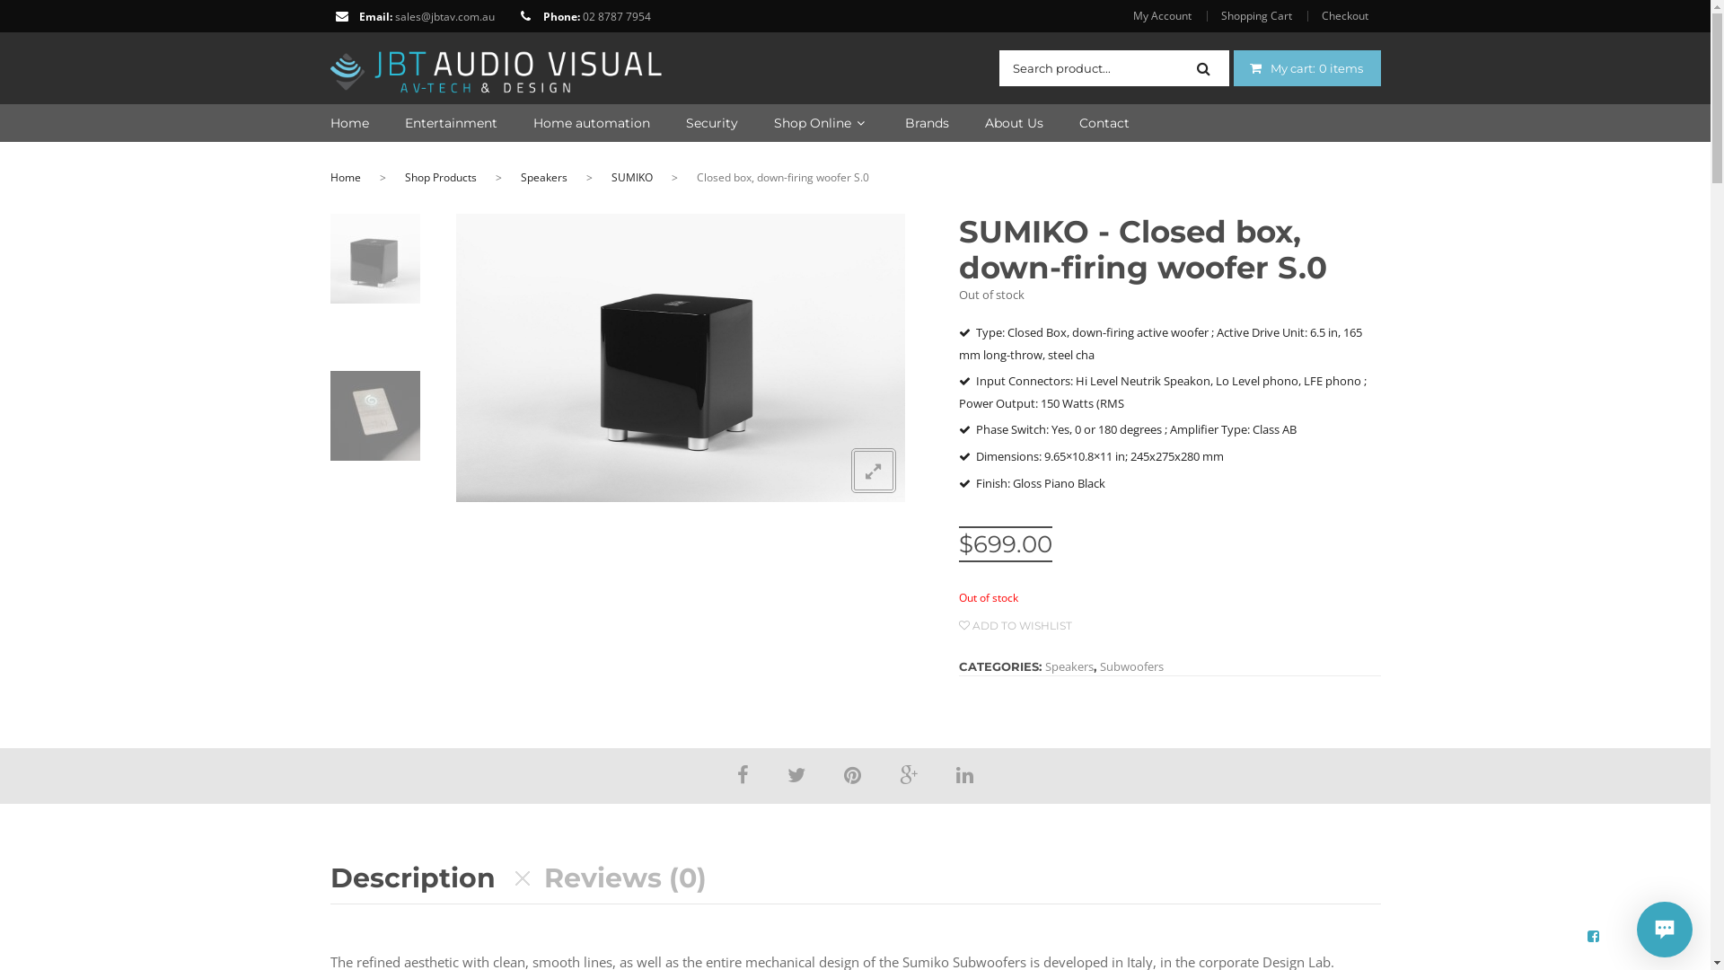 This screenshot has width=1724, height=970. I want to click on 'Shopping Cart', so click(1254, 16).